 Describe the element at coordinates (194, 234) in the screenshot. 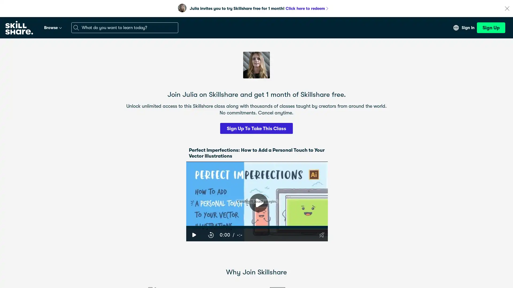

I see `Play` at that location.